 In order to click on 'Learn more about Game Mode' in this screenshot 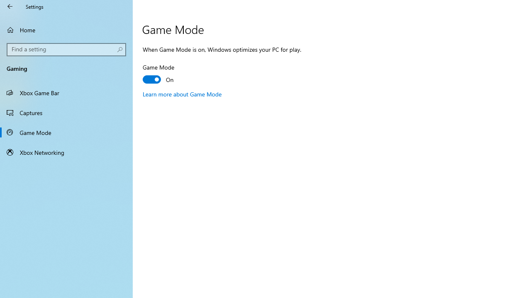, I will do `click(182, 94)`.